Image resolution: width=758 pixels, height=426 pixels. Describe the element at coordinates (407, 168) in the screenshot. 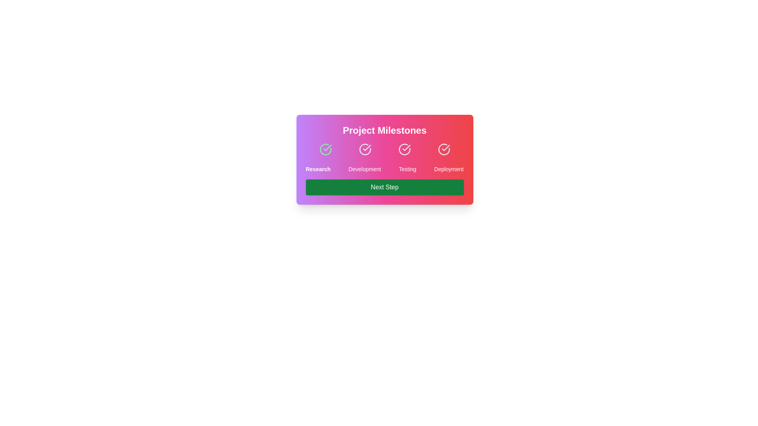

I see `the static text label displaying 'Testing' with a pink background and white text, which is the third label in a horizontal sequence` at that location.